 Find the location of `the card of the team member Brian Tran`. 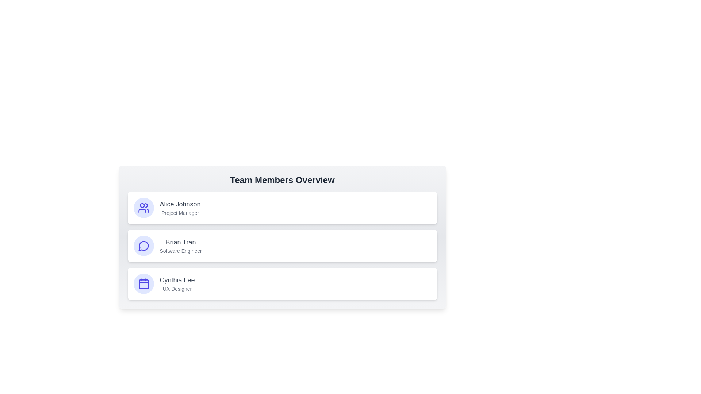

the card of the team member Brian Tran is located at coordinates (282, 246).